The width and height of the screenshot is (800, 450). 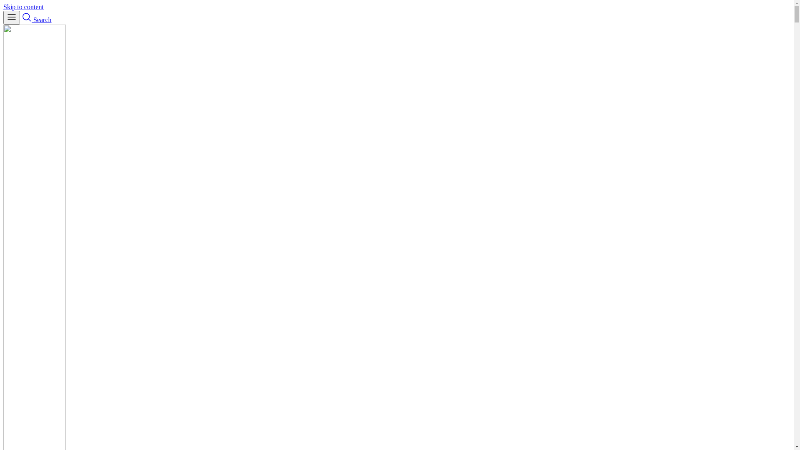 I want to click on 'Skip to content', so click(x=23, y=7).